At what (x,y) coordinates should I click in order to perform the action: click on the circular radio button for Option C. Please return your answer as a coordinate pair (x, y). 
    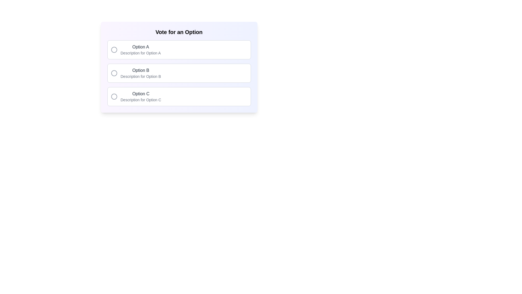
    Looking at the image, I should click on (114, 96).